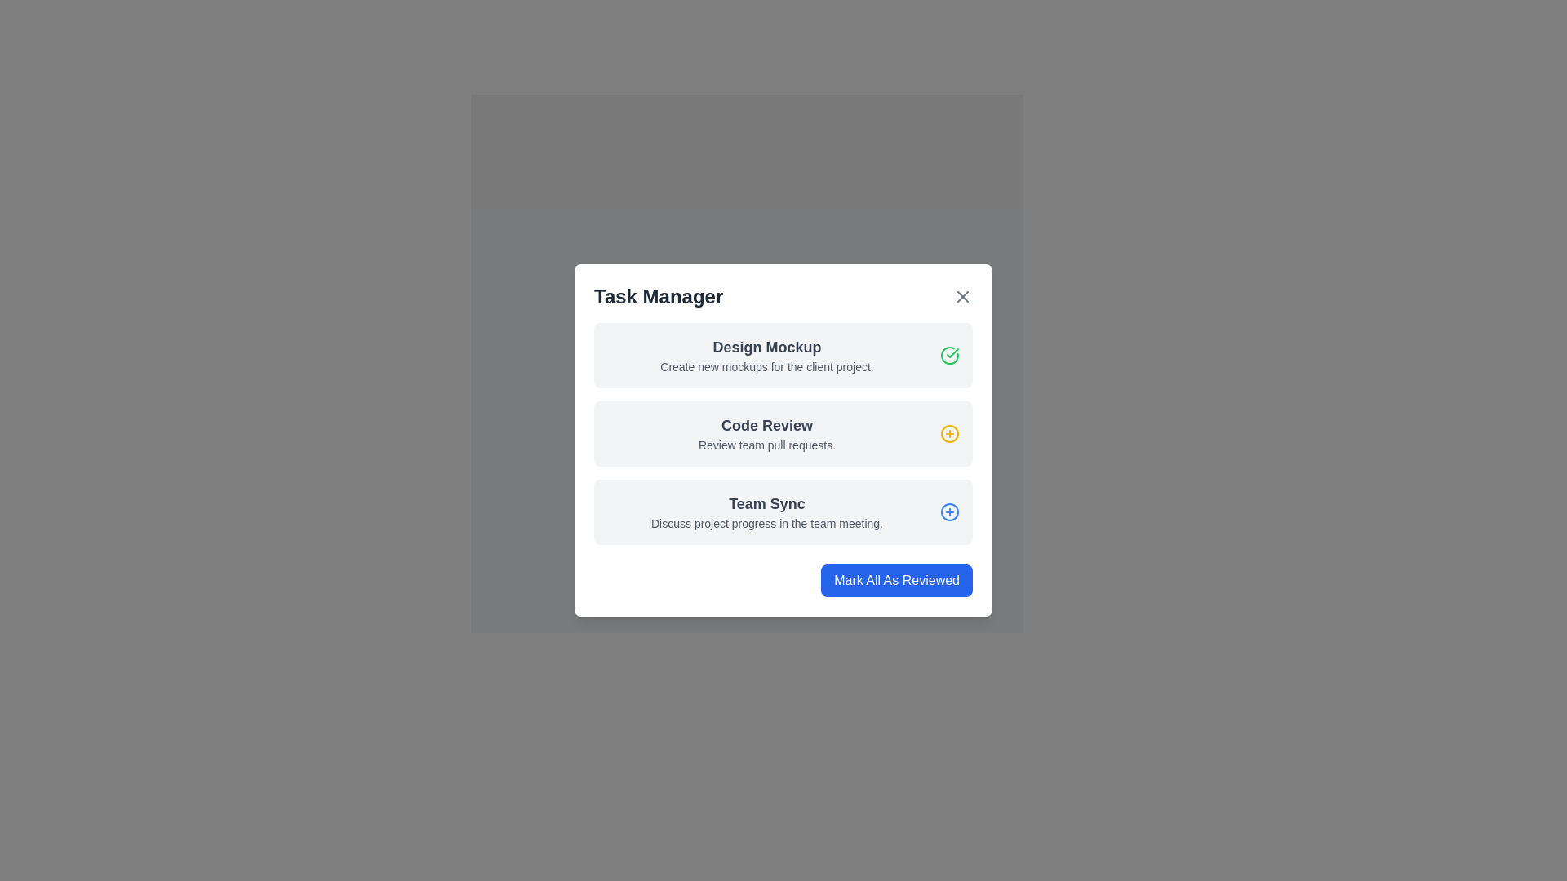  I want to click on the close button located in the top-right corner of the 'Task Manager' modal, which allows users to dismiss the modal window, so click(963, 296).